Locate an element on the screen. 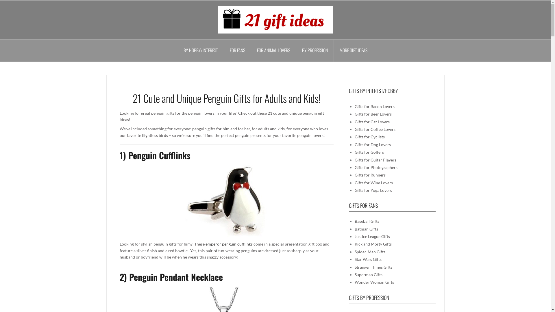  'Star Wars Gifts' is located at coordinates (367, 259).